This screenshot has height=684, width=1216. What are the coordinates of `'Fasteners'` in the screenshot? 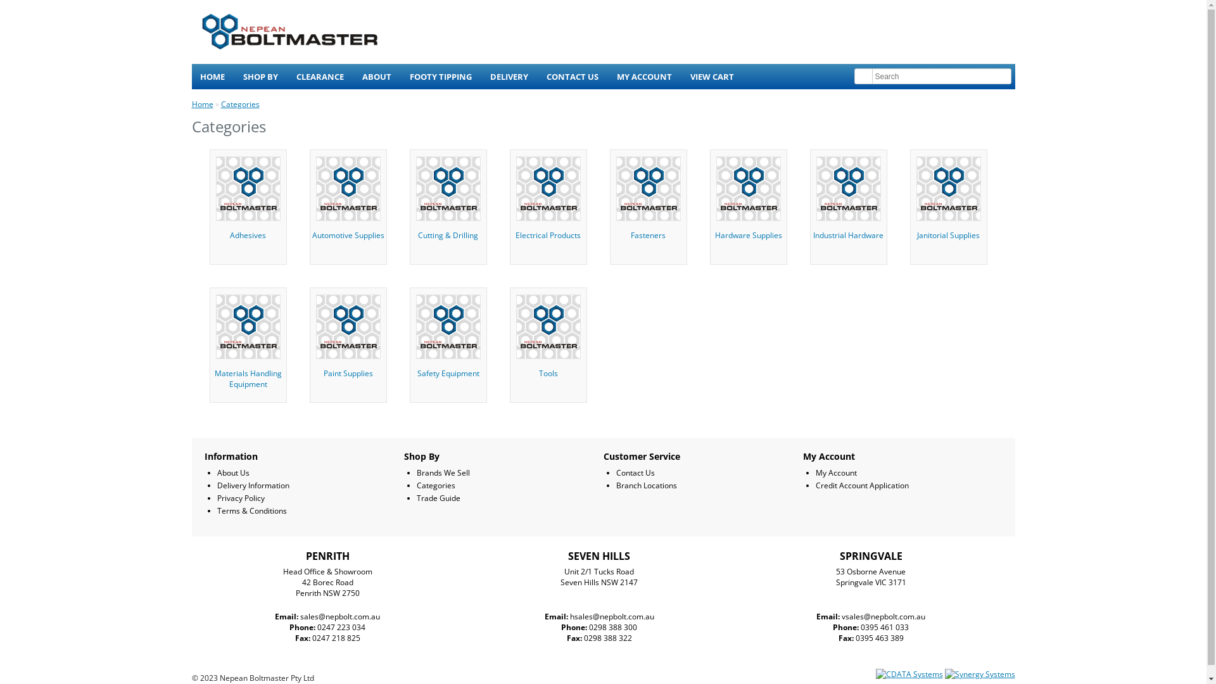 It's located at (648, 202).